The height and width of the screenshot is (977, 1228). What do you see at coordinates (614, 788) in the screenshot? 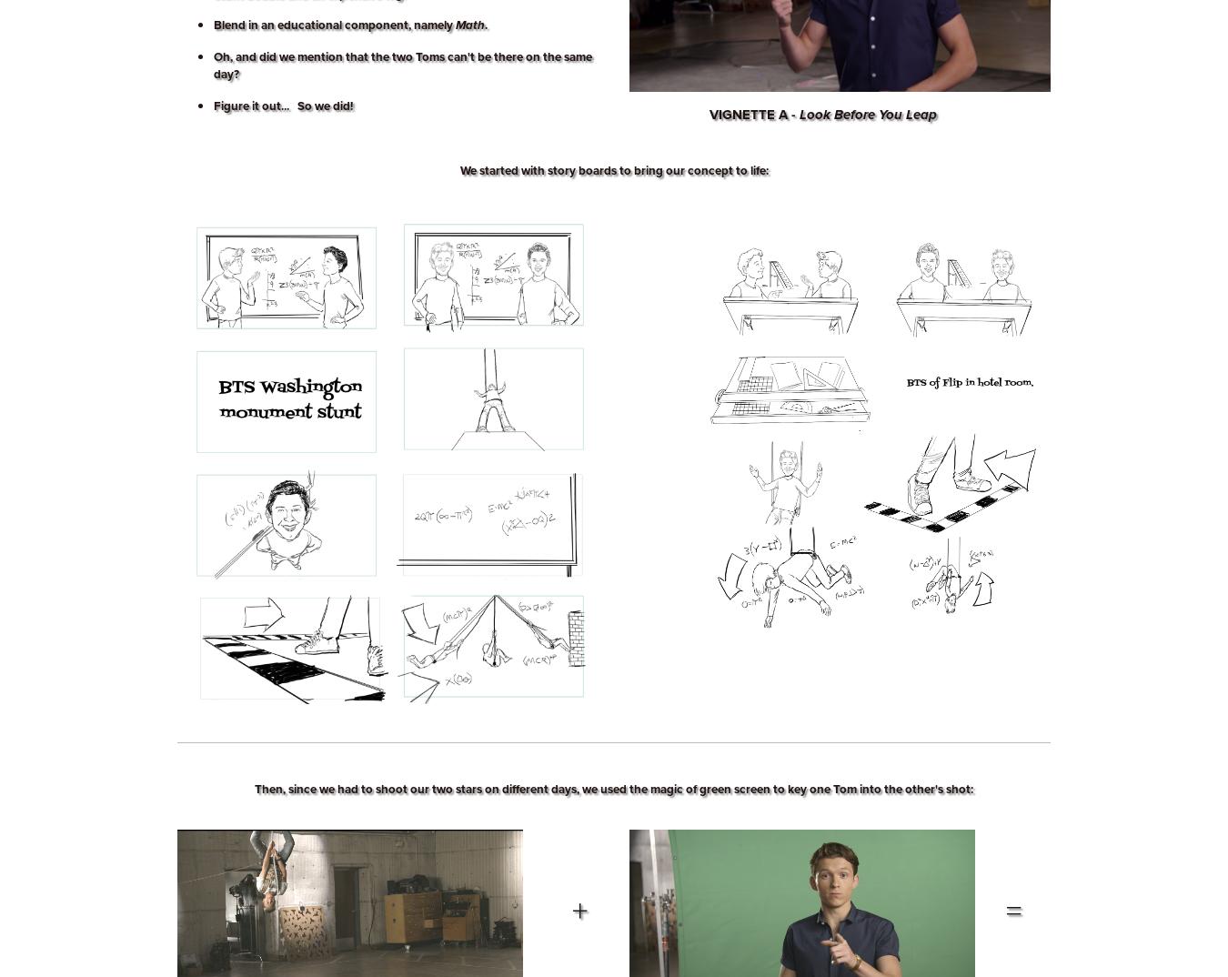
I see `'Then, since we had to shoot our two stars on different days, we used the magic of green screen to key one Tom into the other's shot:'` at bounding box center [614, 788].